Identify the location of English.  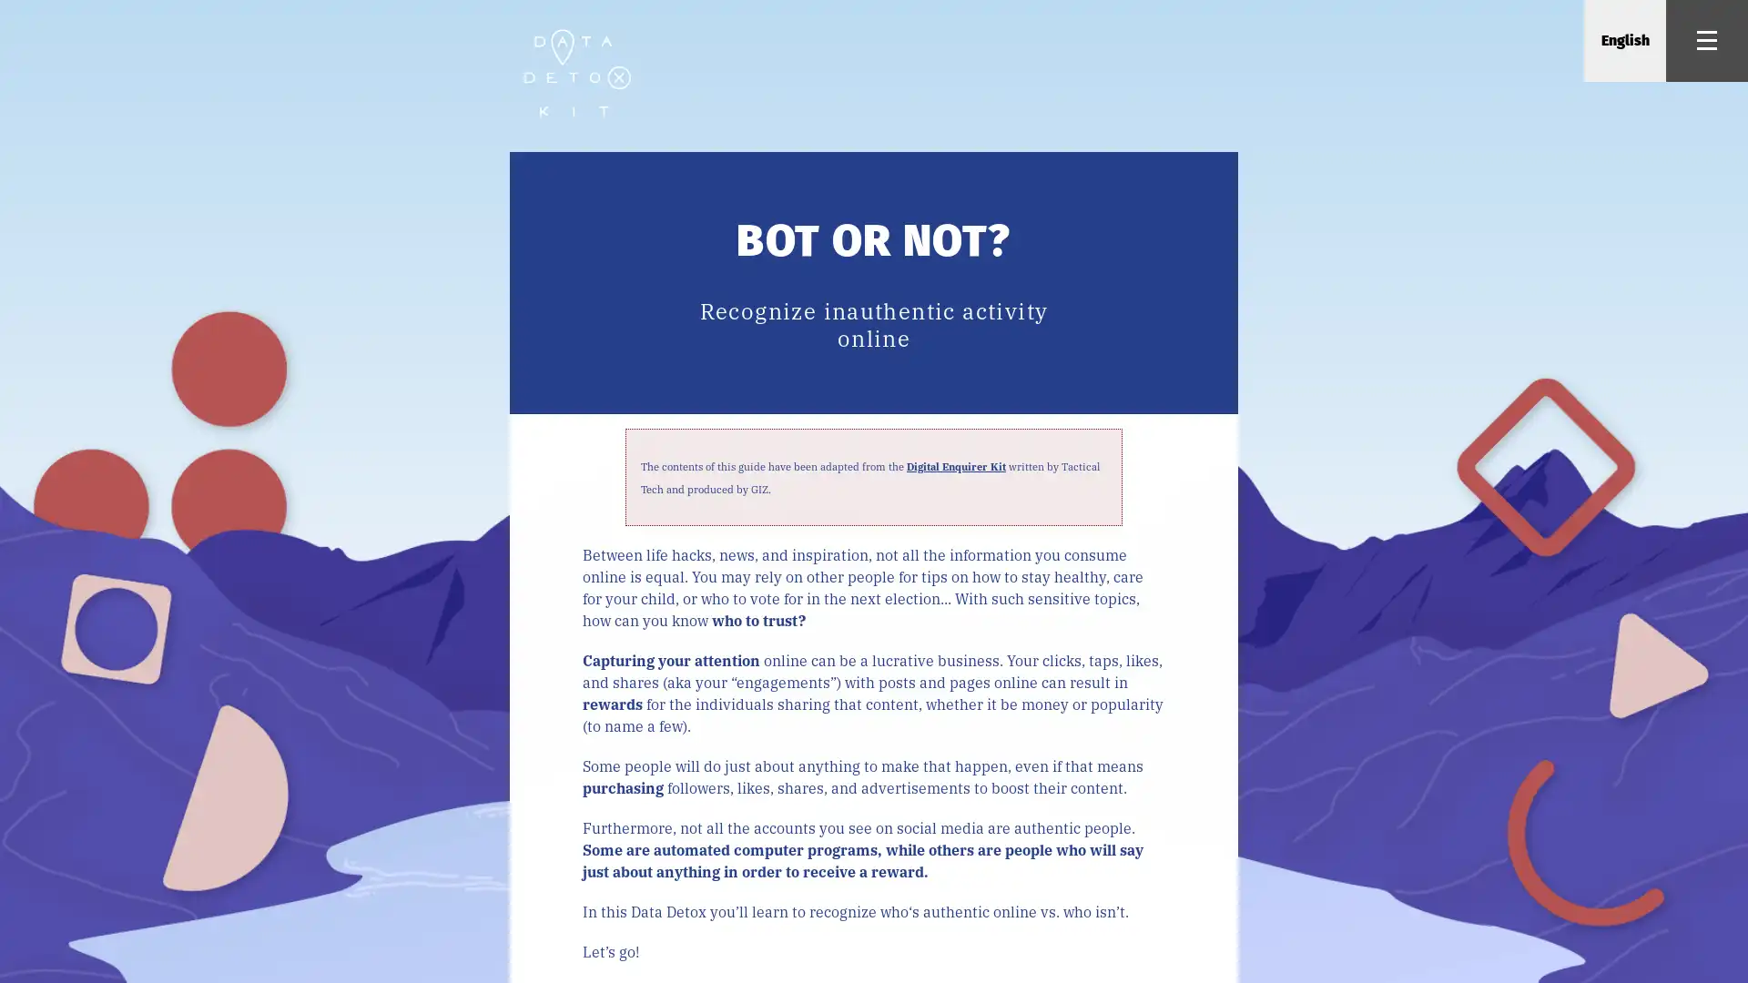
(1624, 41).